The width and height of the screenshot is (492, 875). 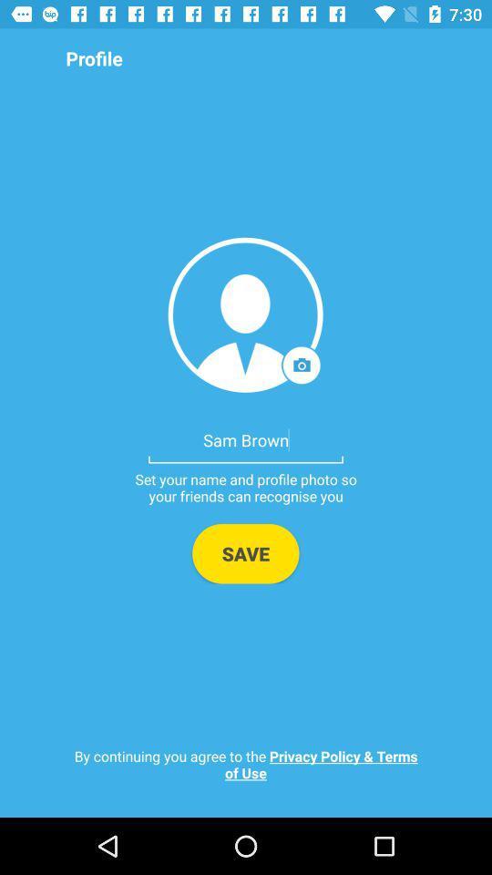 What do you see at coordinates (246, 438) in the screenshot?
I see `the sam brown` at bounding box center [246, 438].